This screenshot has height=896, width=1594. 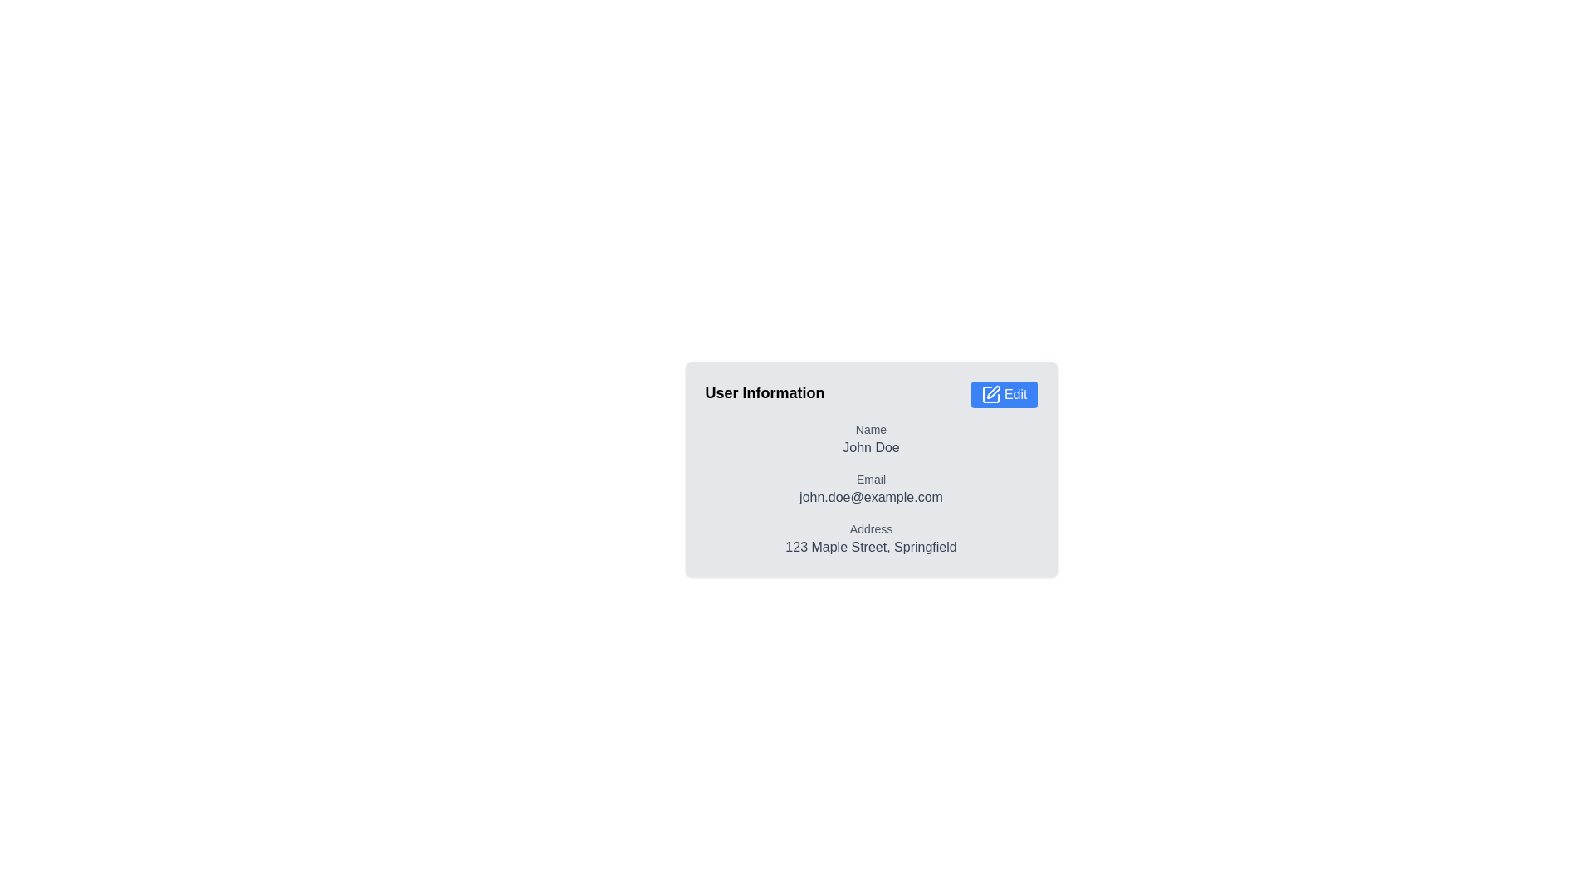 I want to click on the address label in the User Information card, located between the Email section and the address content, so click(x=870, y=528).